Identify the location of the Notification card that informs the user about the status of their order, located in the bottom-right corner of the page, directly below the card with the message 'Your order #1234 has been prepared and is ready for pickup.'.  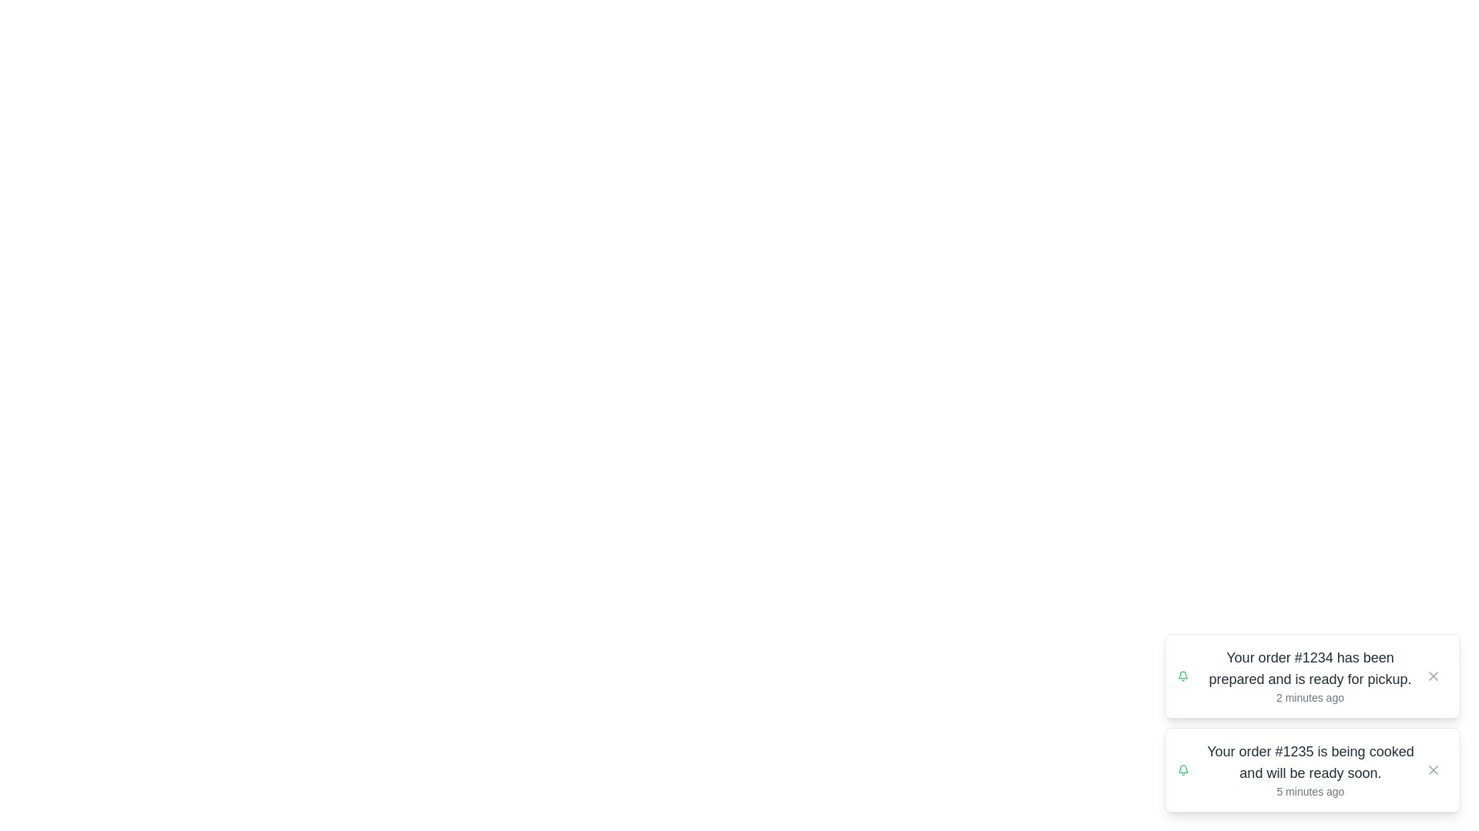
(1312, 770).